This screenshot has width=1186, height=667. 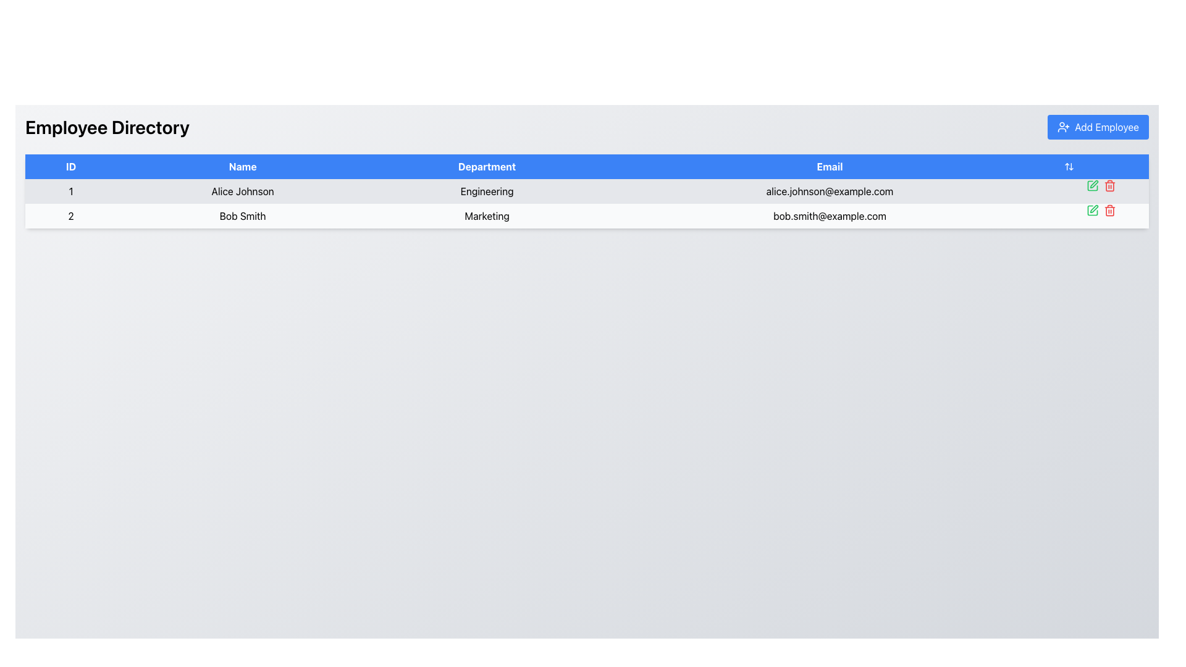 What do you see at coordinates (1110, 185) in the screenshot?
I see `the delete button located in the last column of the row associated with user Bob Smith` at bounding box center [1110, 185].